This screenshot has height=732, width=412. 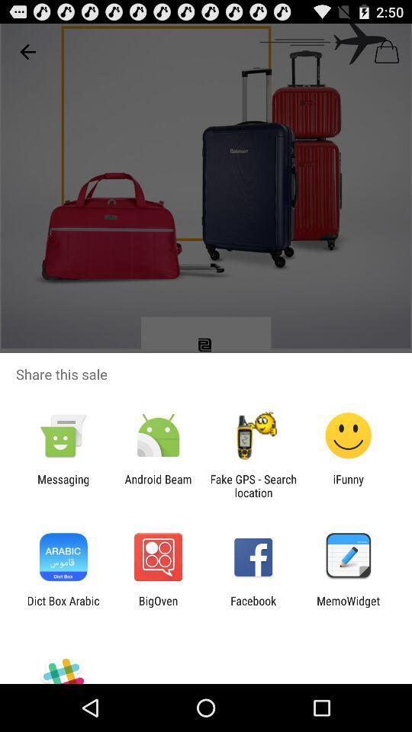 I want to click on the item to the right of the dict box arabic app, so click(x=157, y=607).